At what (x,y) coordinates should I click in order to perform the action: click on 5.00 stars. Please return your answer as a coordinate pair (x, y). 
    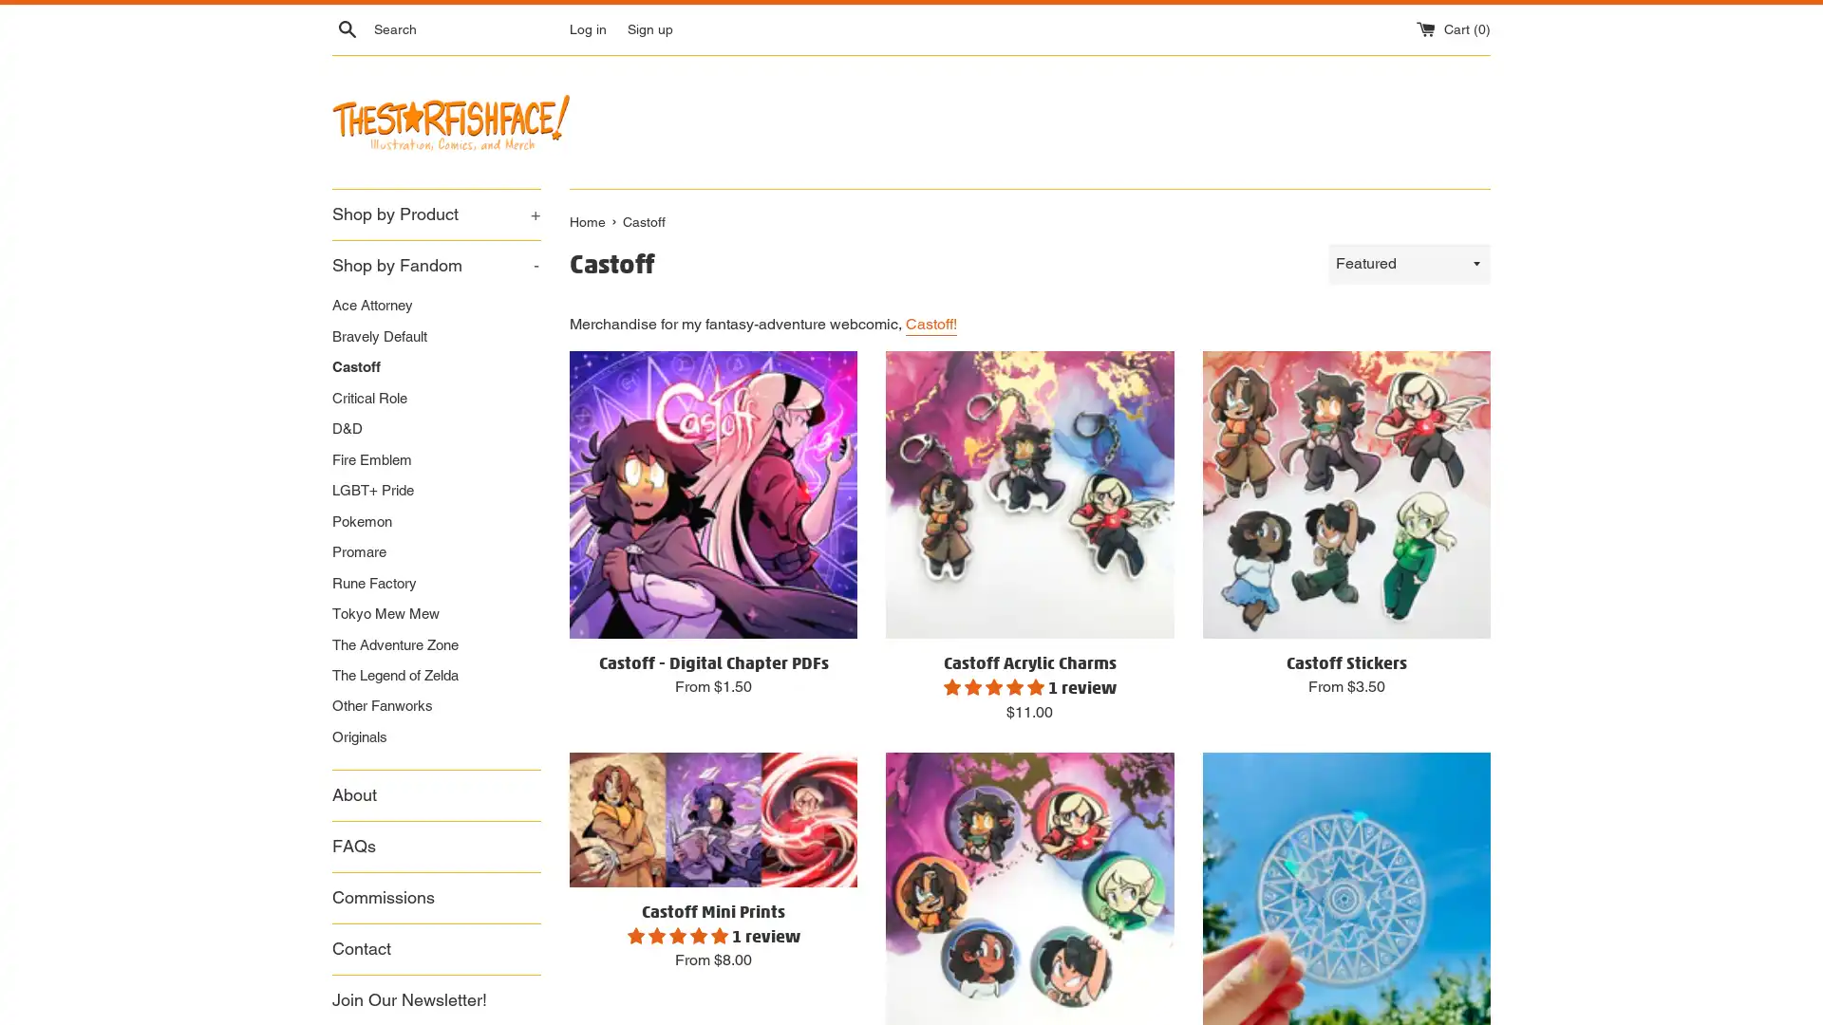
    Looking at the image, I should click on (993, 685).